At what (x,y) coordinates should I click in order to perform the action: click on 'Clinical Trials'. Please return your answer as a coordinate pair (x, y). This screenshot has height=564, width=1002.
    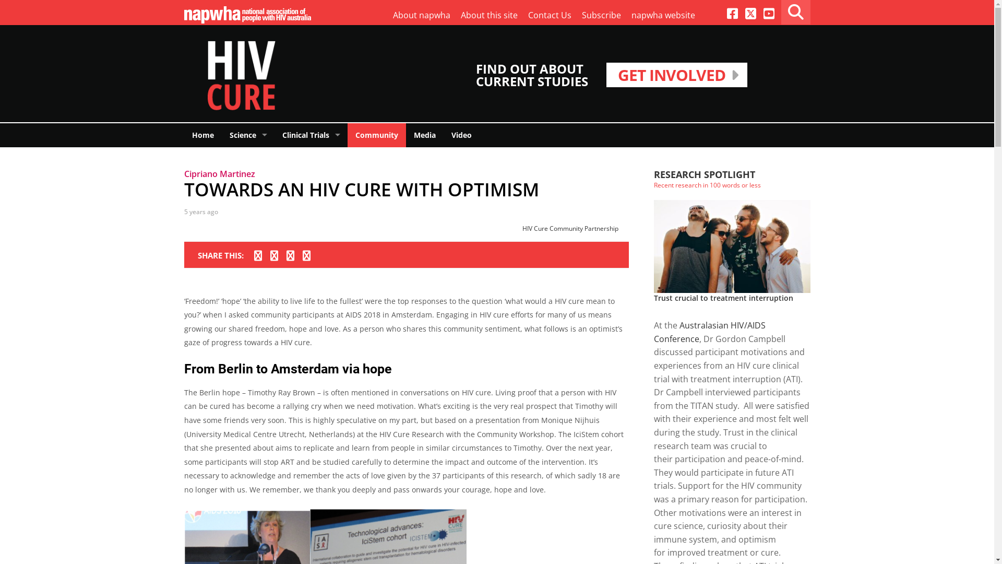
    Looking at the image, I should click on (275, 134).